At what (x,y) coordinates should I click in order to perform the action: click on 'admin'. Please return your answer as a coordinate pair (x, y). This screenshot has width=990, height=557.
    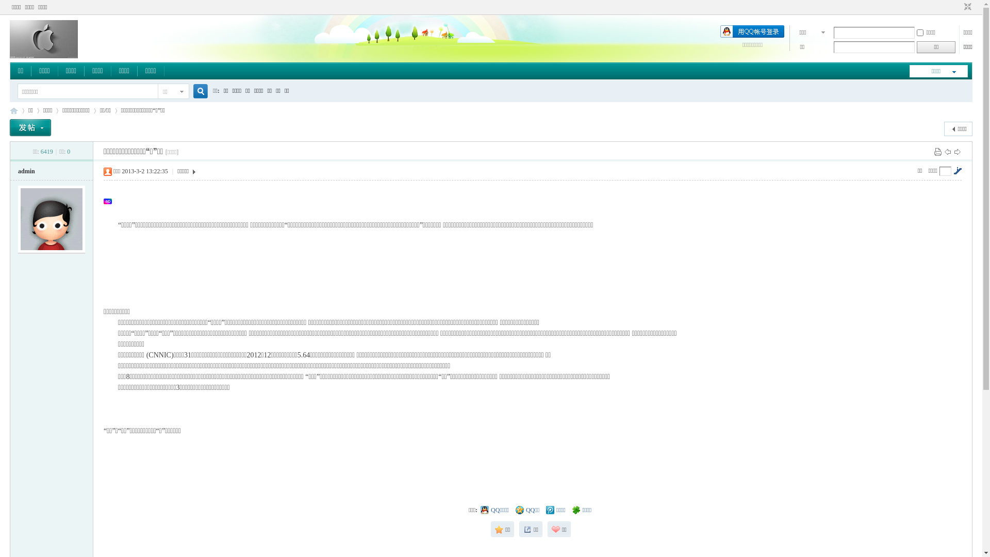
    Looking at the image, I should click on (18, 170).